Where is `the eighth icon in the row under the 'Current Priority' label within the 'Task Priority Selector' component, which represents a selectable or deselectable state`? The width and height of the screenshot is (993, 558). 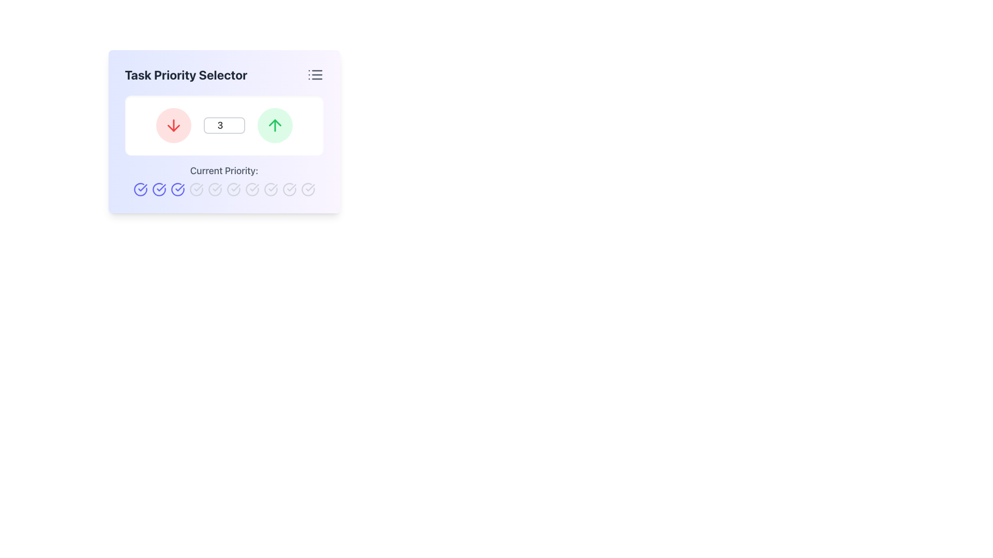
the eighth icon in the row under the 'Current Priority' label within the 'Task Priority Selector' component, which represents a selectable or deselectable state is located at coordinates (252, 189).